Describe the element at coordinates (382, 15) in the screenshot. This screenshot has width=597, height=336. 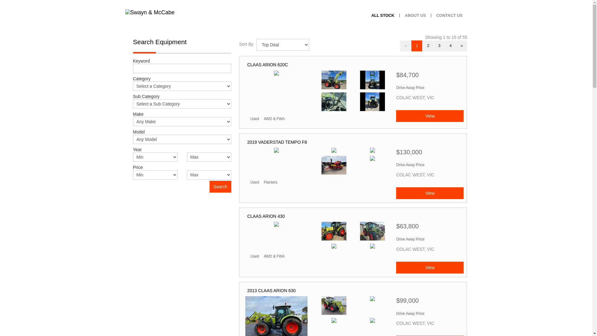
I see `'ALL STOCK'` at that location.